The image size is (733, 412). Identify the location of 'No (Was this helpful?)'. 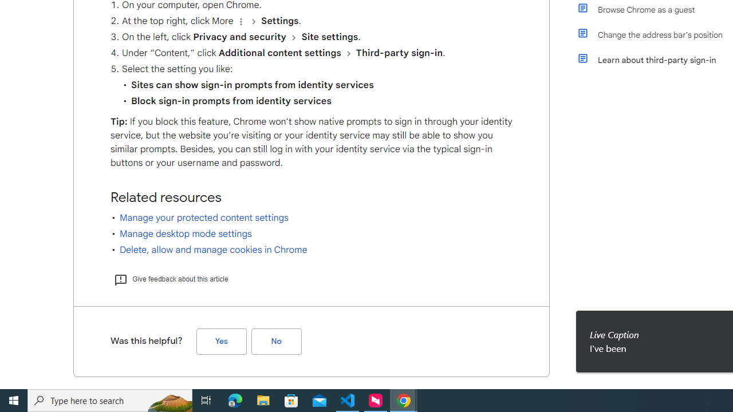
(276, 340).